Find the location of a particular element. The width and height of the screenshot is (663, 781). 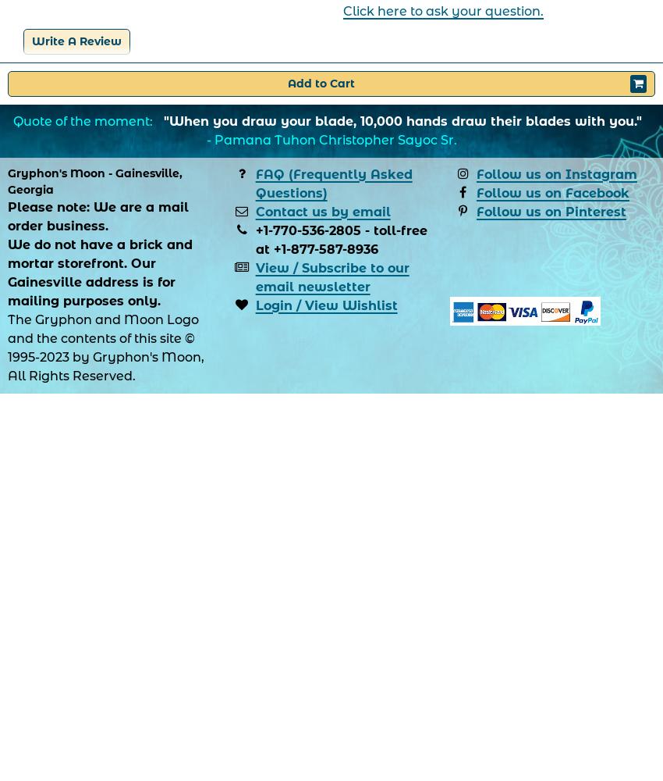

'Follow us on Pinterest' is located at coordinates (550, 211).